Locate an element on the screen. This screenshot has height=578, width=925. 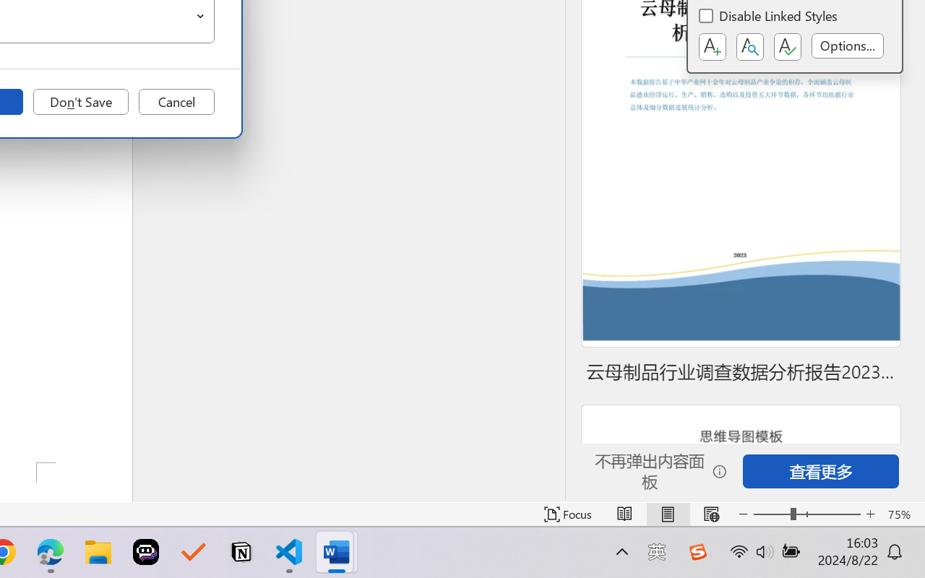
'Notion' is located at coordinates (241, 552).